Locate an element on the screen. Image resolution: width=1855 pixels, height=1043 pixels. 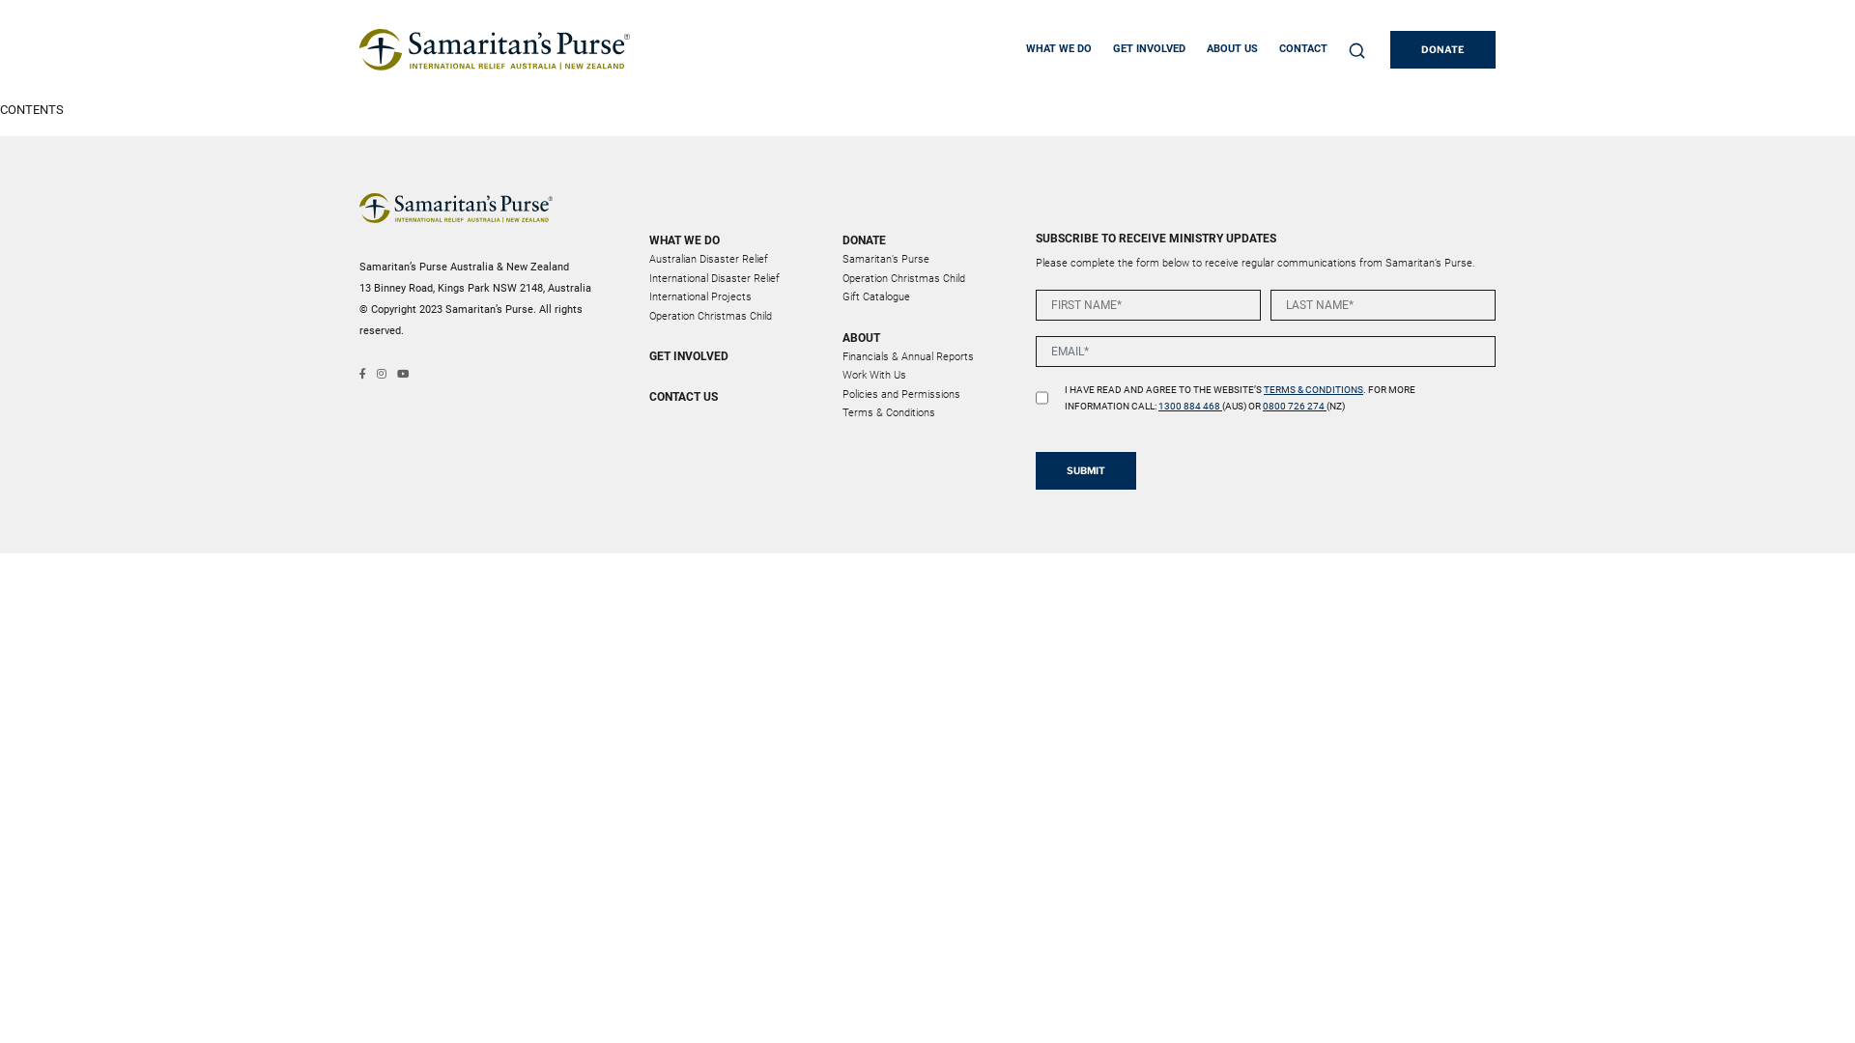
'1300 884 468' is located at coordinates (1189, 405).